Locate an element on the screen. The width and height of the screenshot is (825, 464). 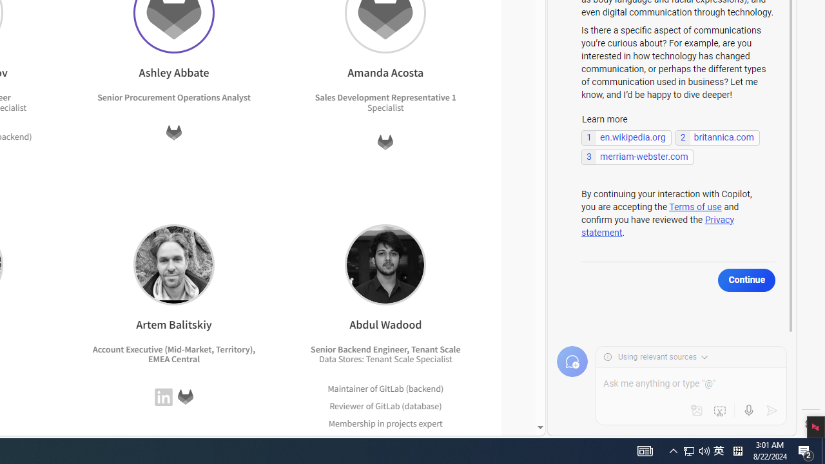
'Sales Development Representative 1' is located at coordinates (384, 97).